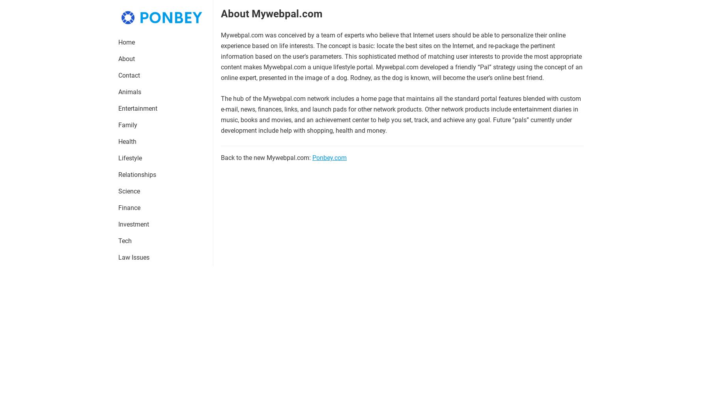 Image resolution: width=710 pixels, height=394 pixels. What do you see at coordinates (329, 158) in the screenshot?
I see `'Ponbey.com'` at bounding box center [329, 158].